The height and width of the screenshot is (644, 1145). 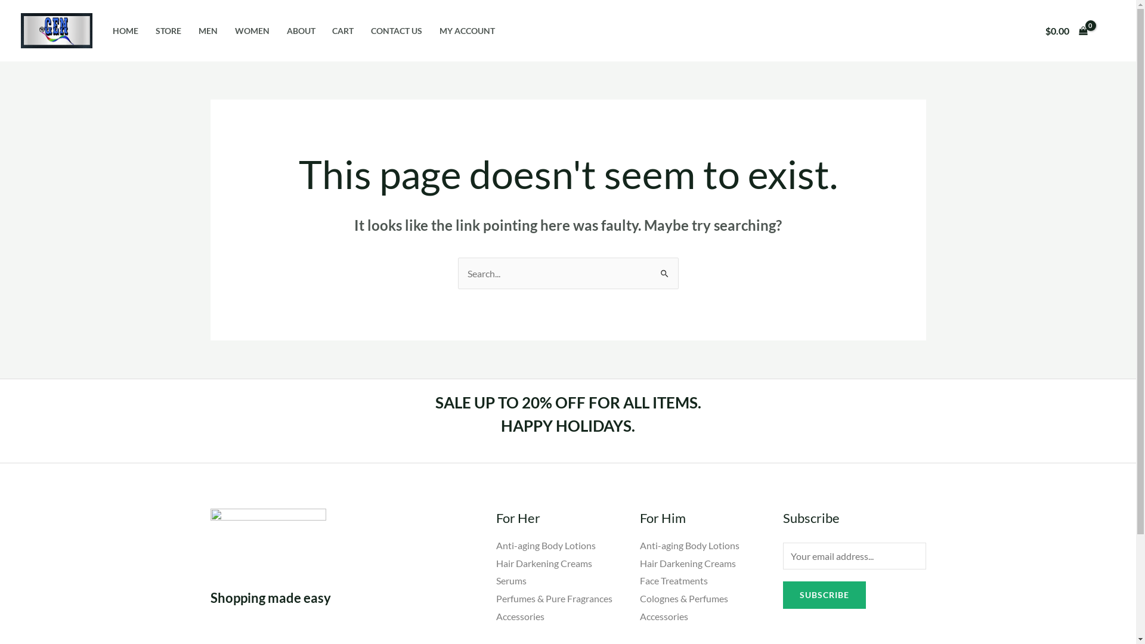 I want to click on 'ABOUT', so click(x=277, y=30).